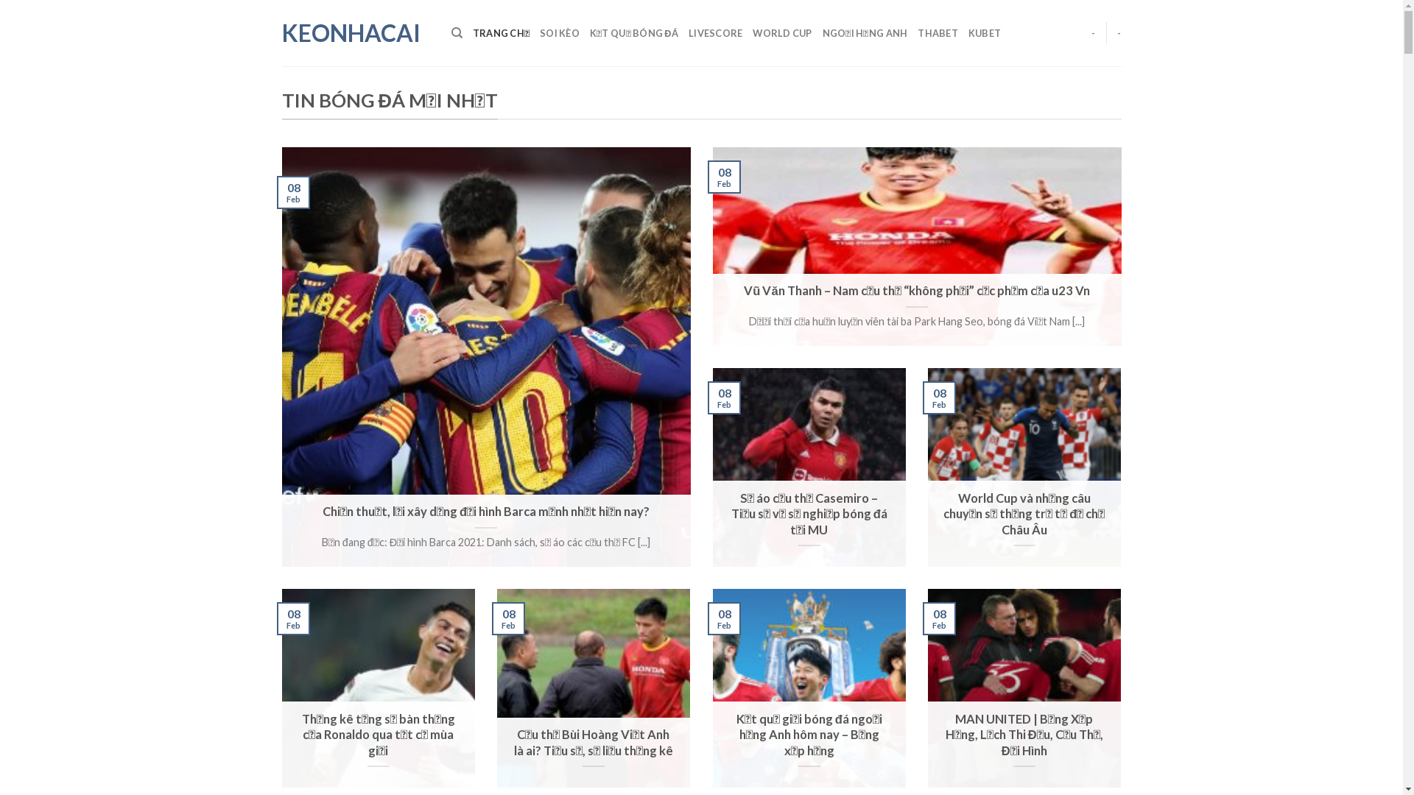 This screenshot has height=795, width=1414. What do you see at coordinates (1119, 33) in the screenshot?
I see `'-'` at bounding box center [1119, 33].